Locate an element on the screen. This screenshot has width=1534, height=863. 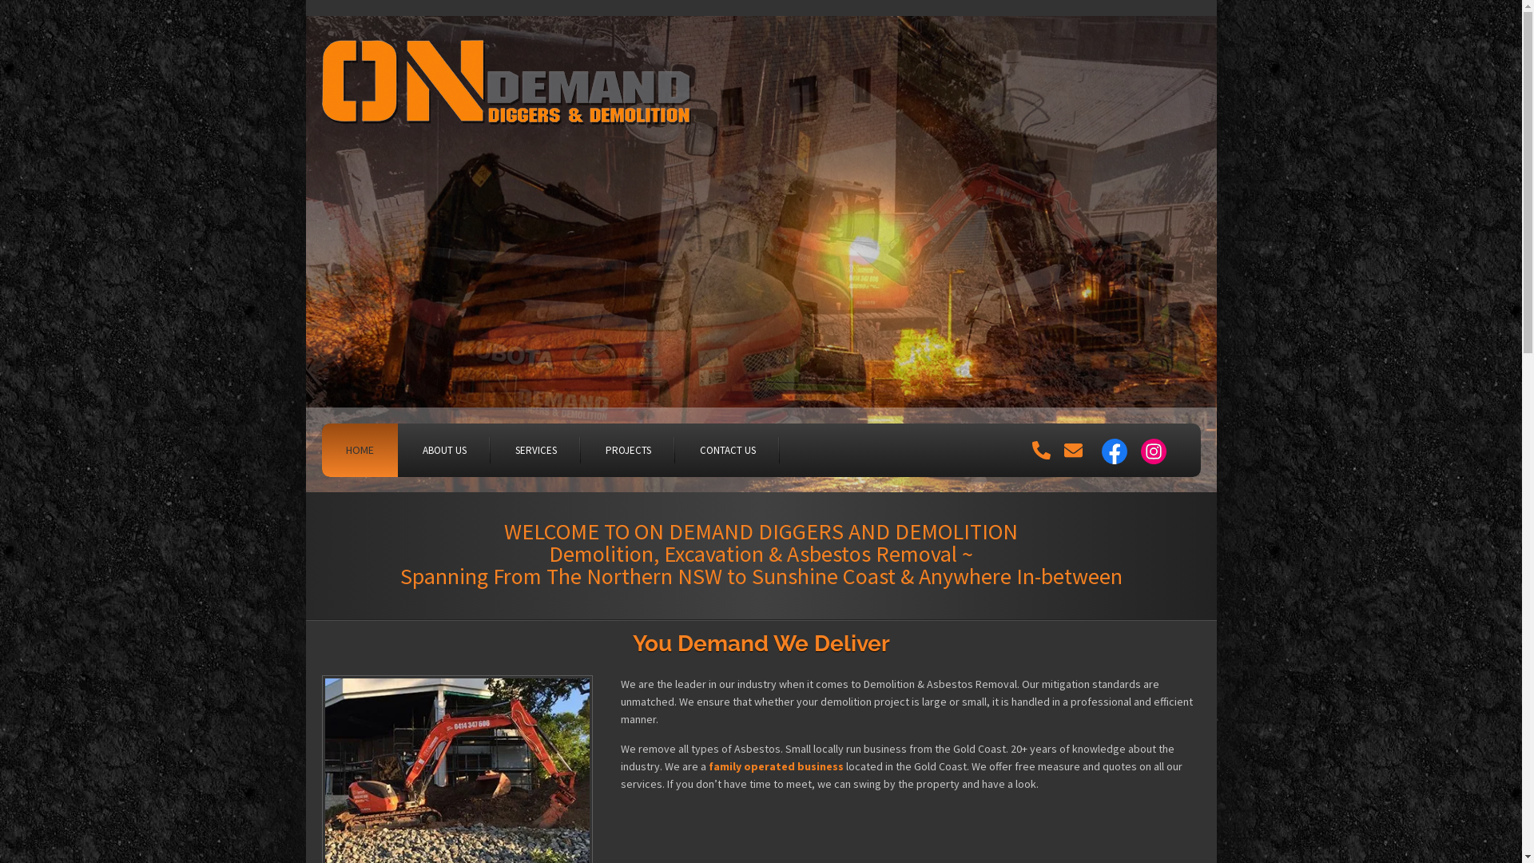
'ABOUT US' is located at coordinates (443, 450).